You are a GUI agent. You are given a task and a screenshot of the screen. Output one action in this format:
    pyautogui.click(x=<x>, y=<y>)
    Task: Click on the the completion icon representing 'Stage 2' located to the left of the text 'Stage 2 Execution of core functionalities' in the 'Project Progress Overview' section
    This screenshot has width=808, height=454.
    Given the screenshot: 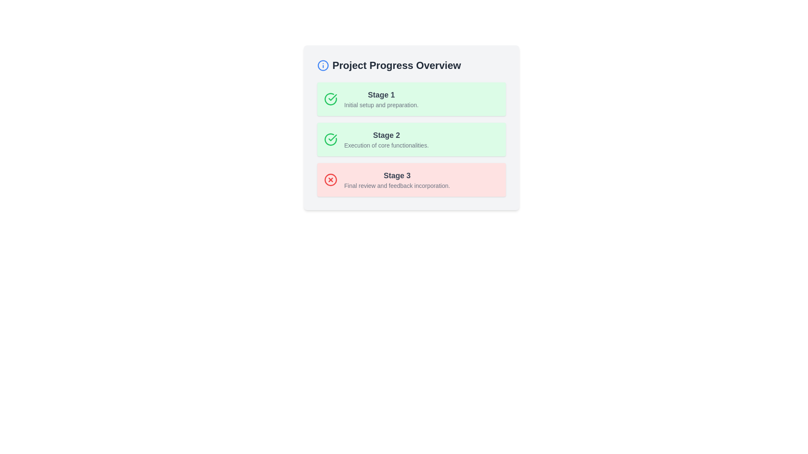 What is the action you would take?
    pyautogui.click(x=330, y=139)
    